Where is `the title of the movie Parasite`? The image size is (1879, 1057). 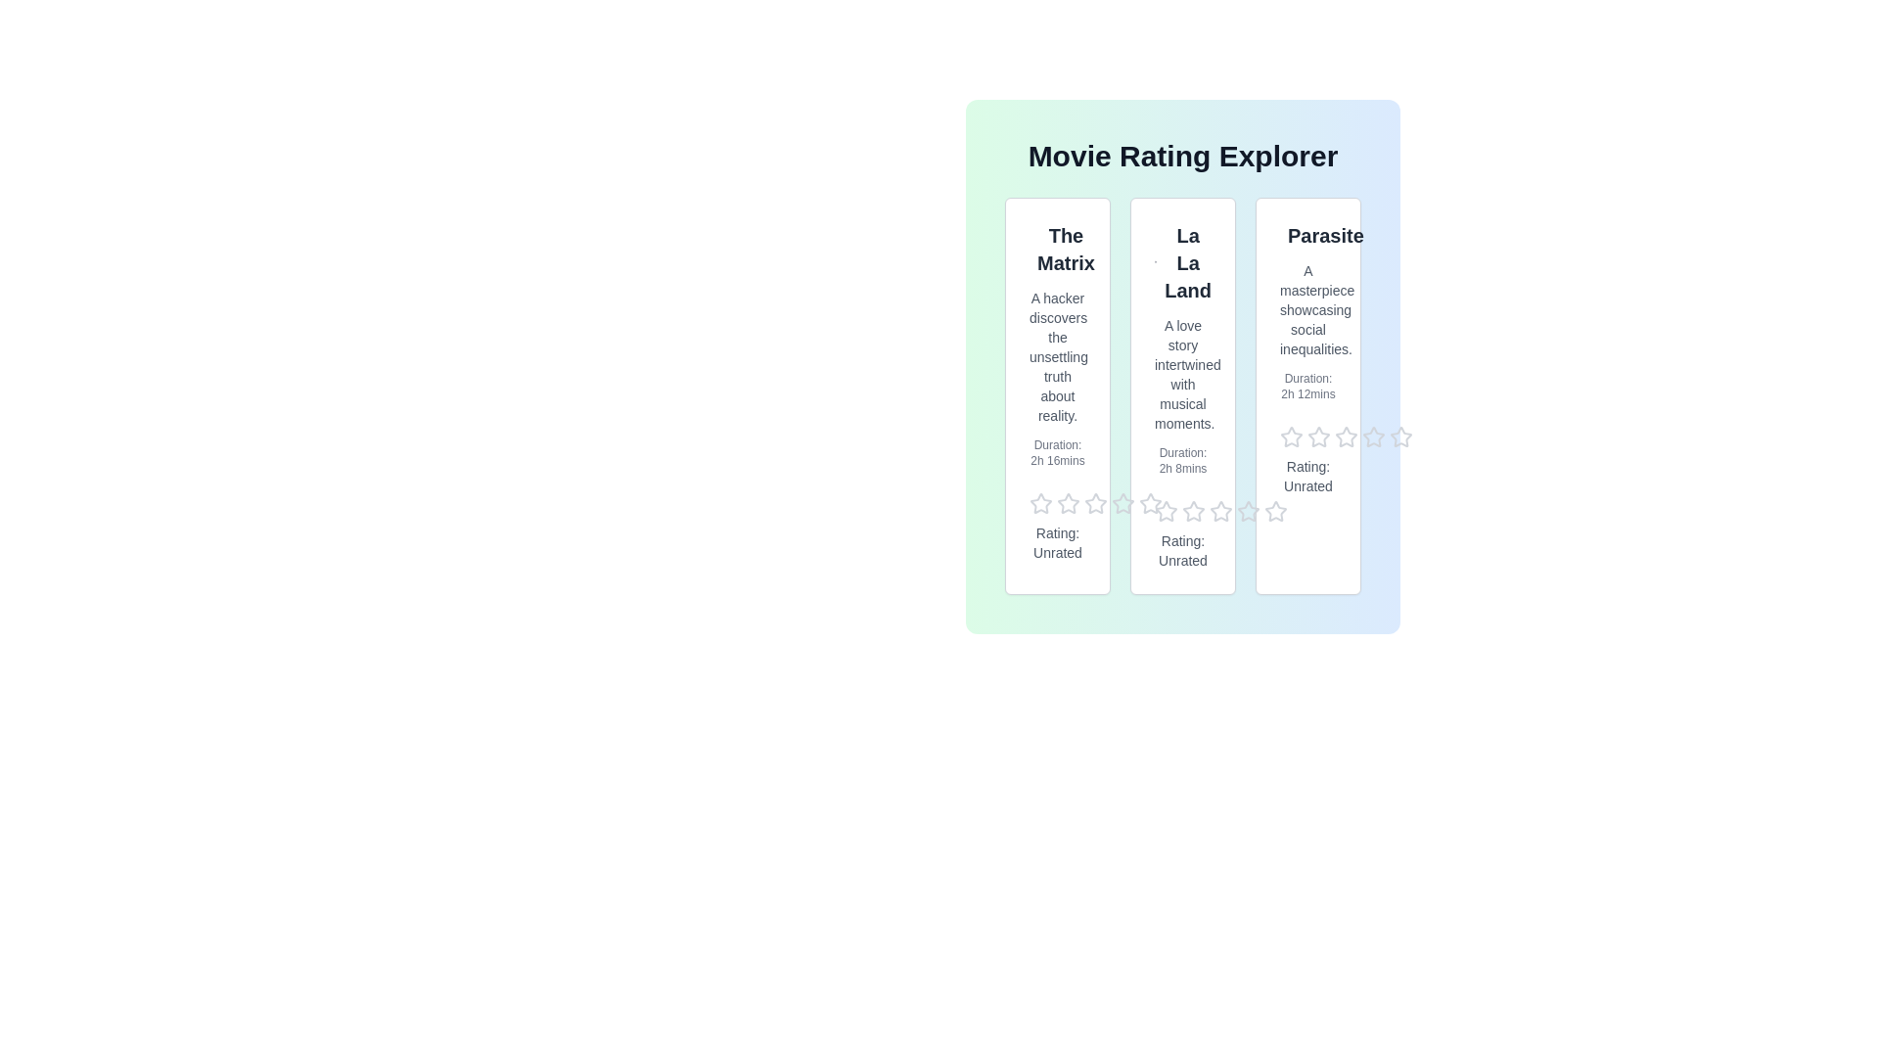
the title of the movie Parasite is located at coordinates (1308, 234).